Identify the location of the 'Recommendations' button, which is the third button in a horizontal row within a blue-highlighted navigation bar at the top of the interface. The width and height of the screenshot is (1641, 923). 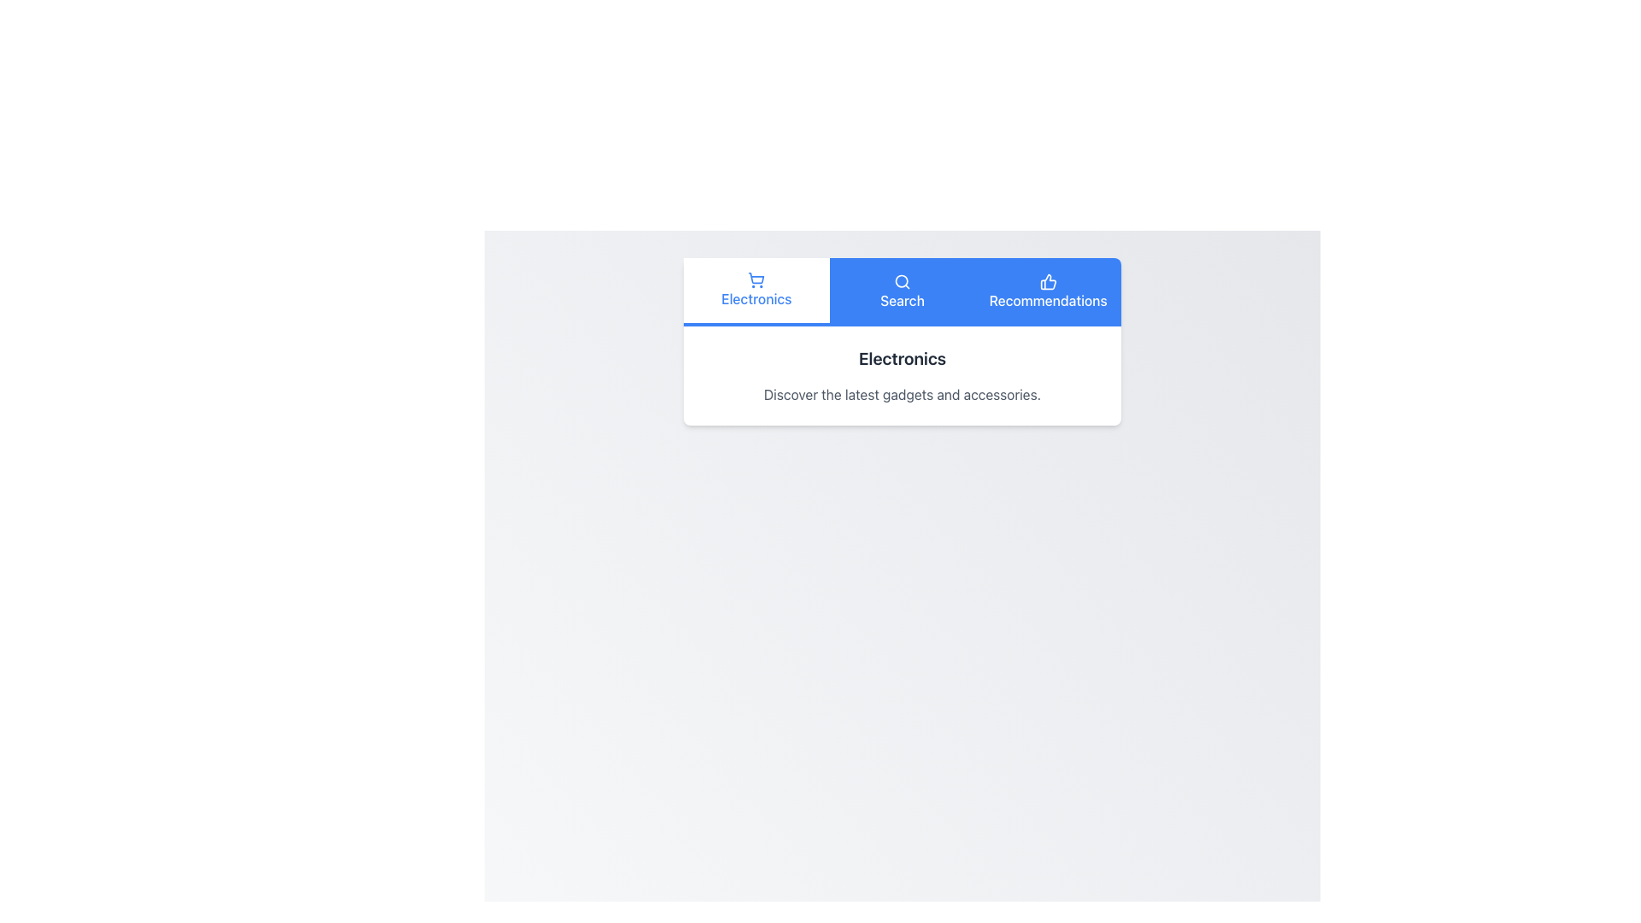
(1047, 291).